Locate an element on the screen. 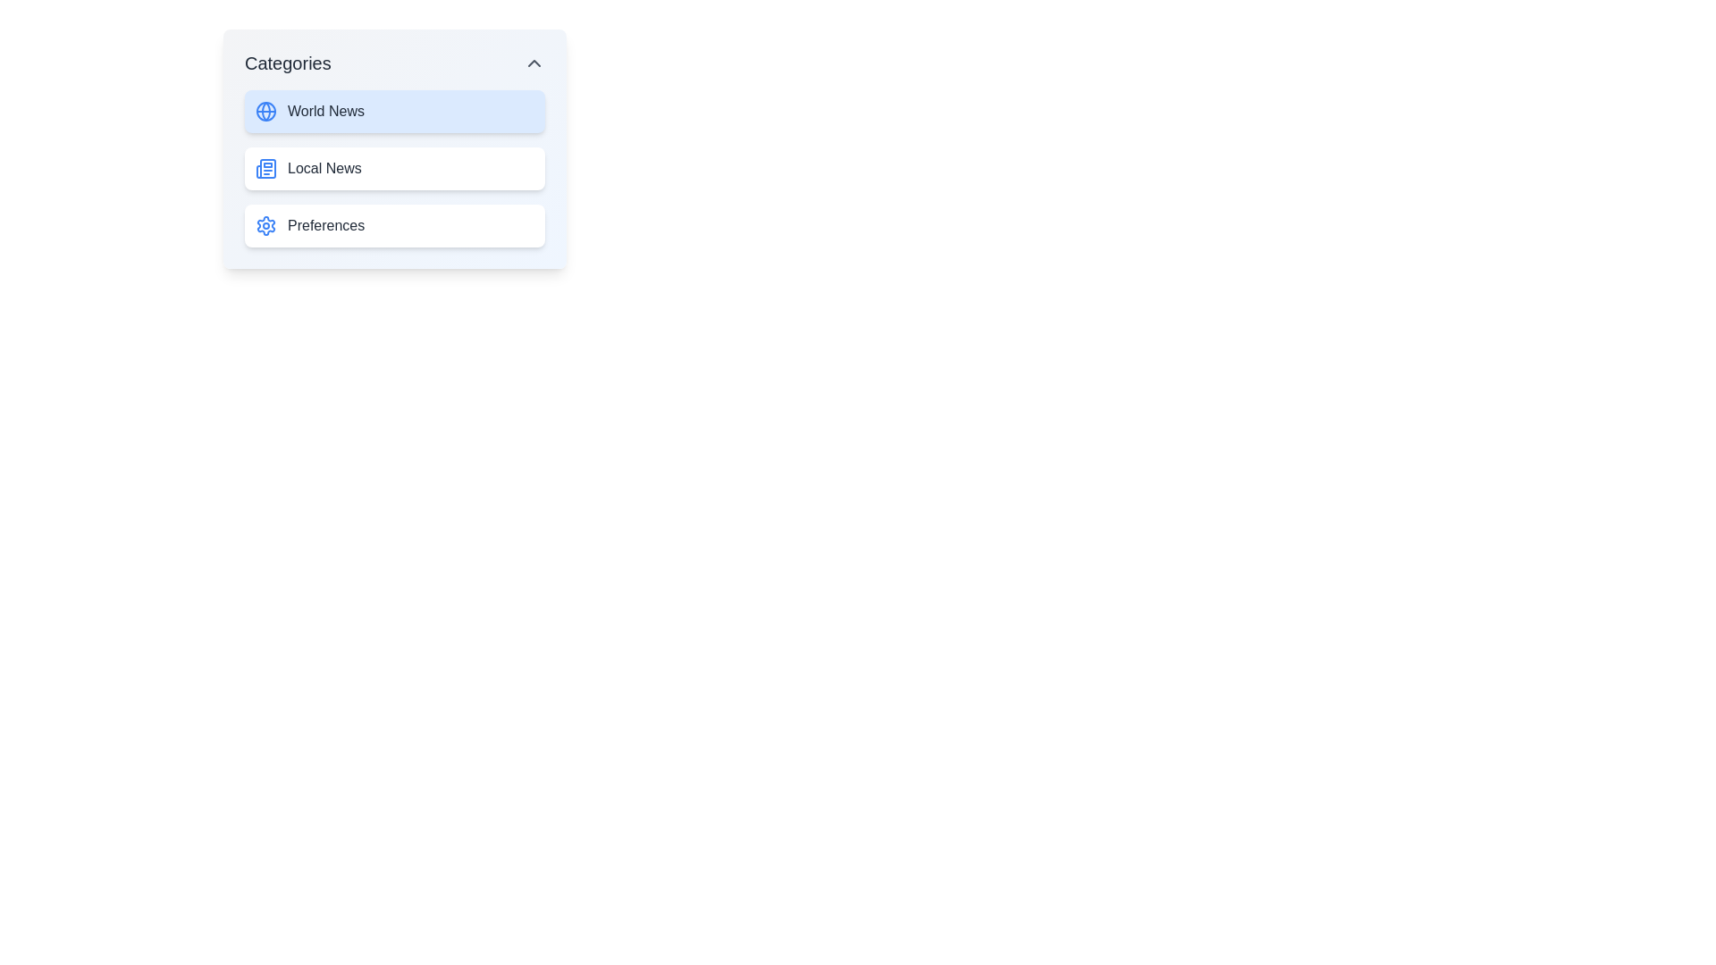 This screenshot has height=965, width=1716. the button located at the top-right of the 'Categories' section header to trigger the context menu is located at coordinates (534, 62).